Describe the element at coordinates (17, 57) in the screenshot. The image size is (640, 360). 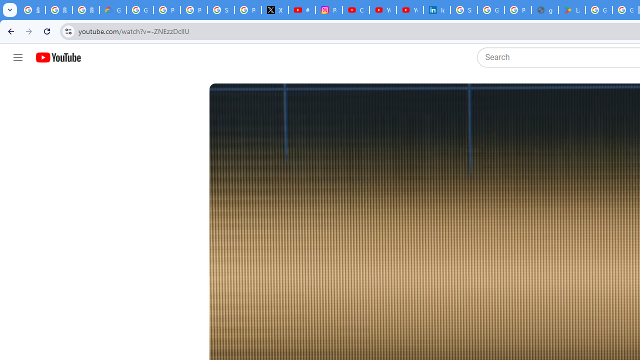
I see `'Guide'` at that location.